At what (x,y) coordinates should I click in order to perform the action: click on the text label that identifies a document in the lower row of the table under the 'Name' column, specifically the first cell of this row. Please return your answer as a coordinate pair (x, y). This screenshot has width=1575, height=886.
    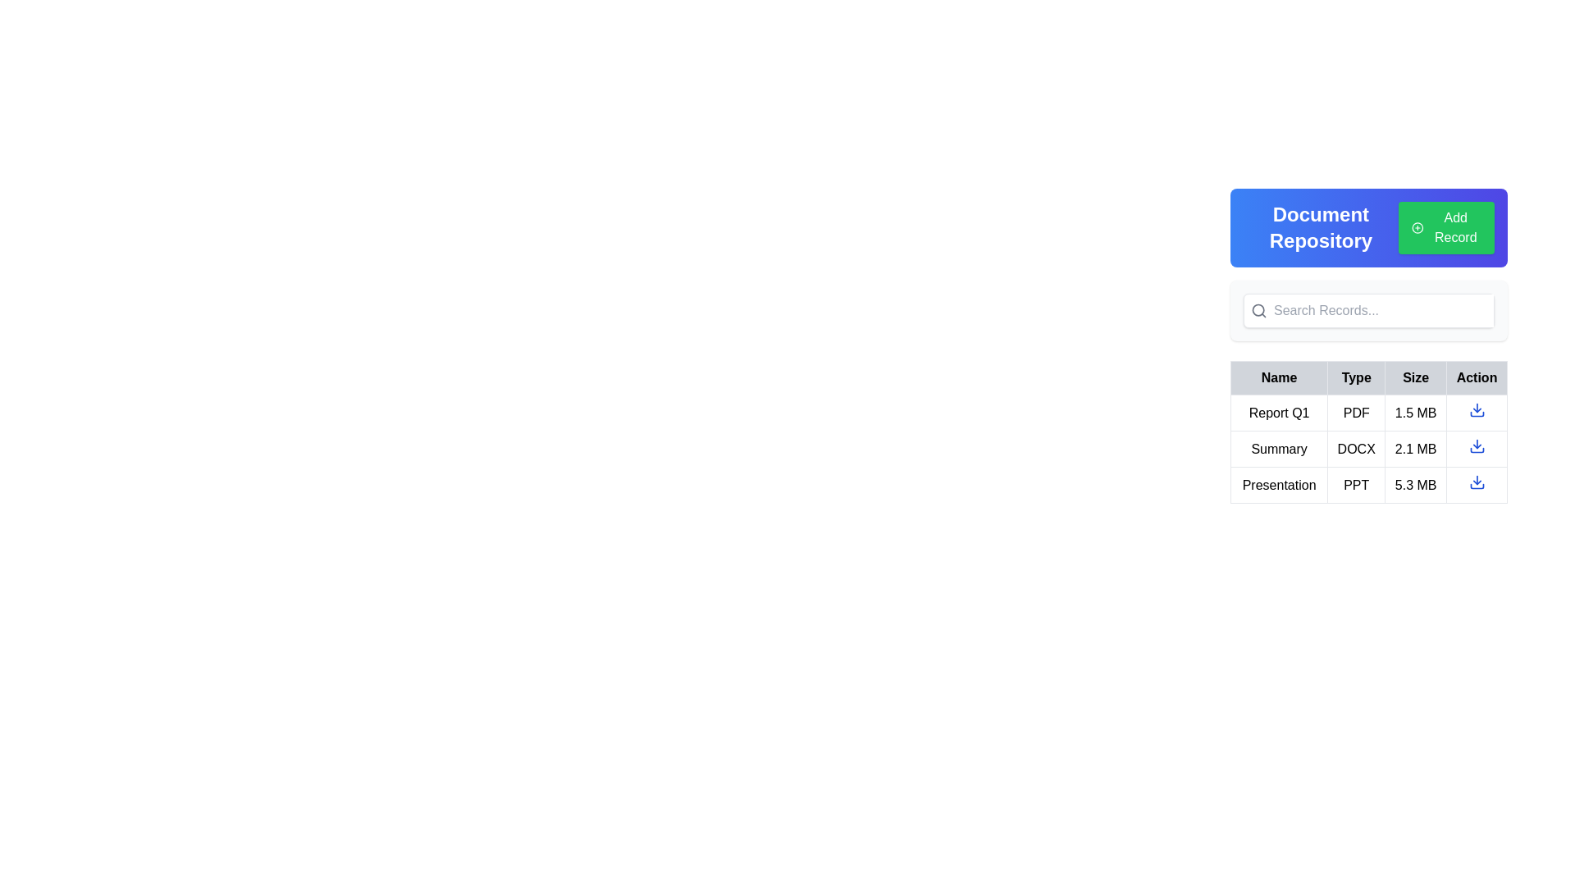
    Looking at the image, I should click on (1278, 484).